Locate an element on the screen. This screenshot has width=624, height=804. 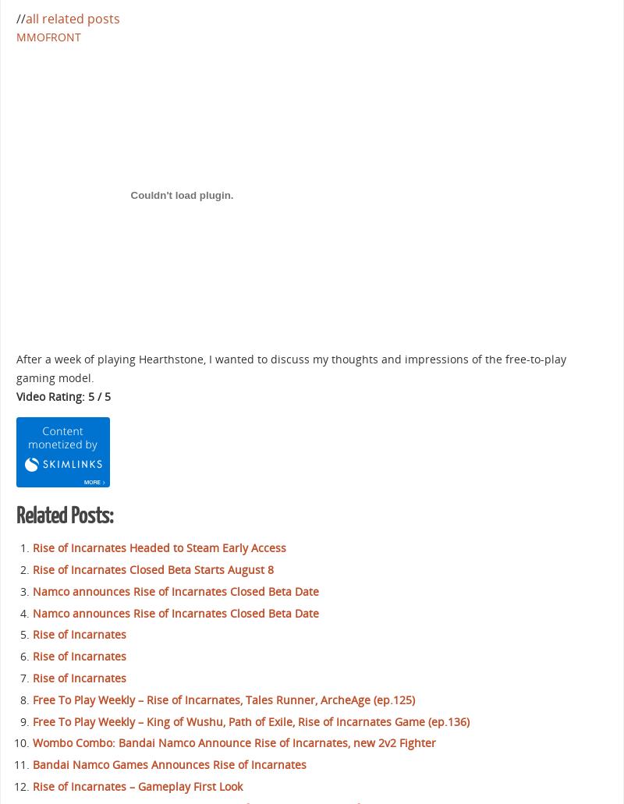
'Free To Play Weekly – King of Wushu, Path of Exile, Rise of Incarnates Game (ep.136)' is located at coordinates (32, 721).